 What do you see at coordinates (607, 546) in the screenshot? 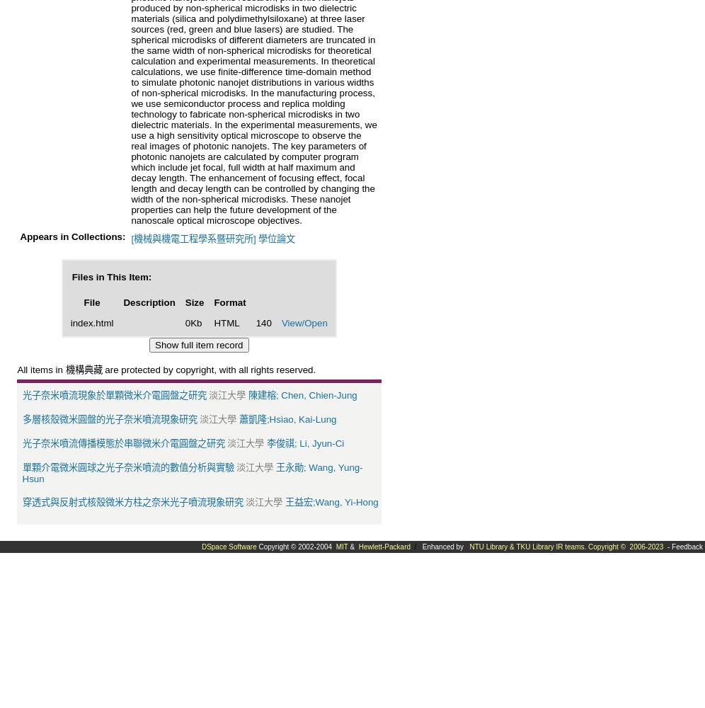
I see `'Copyright ©'` at bounding box center [607, 546].